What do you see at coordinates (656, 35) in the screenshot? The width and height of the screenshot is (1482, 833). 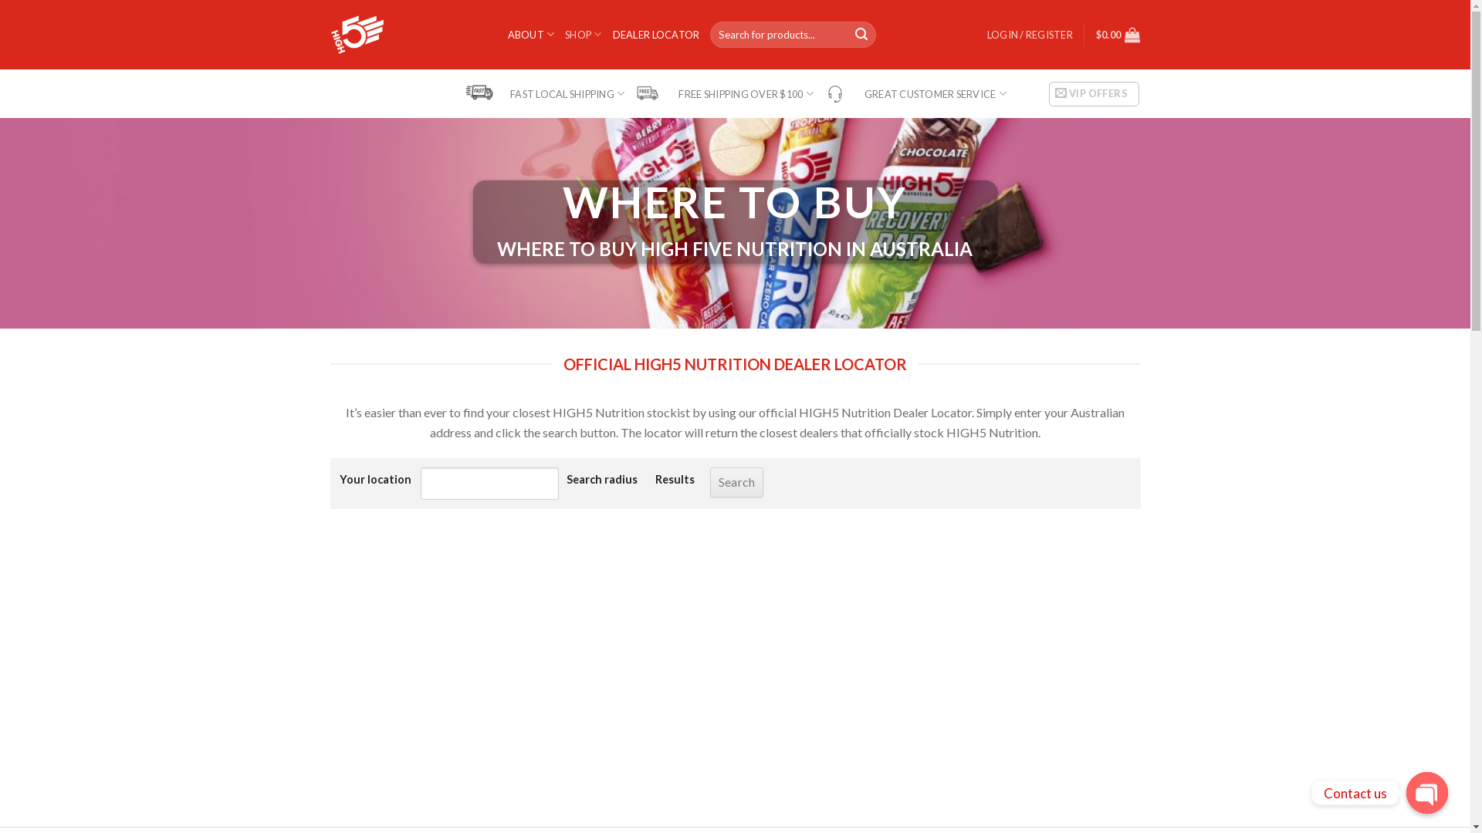 I see `'DEALER LOCATOR'` at bounding box center [656, 35].